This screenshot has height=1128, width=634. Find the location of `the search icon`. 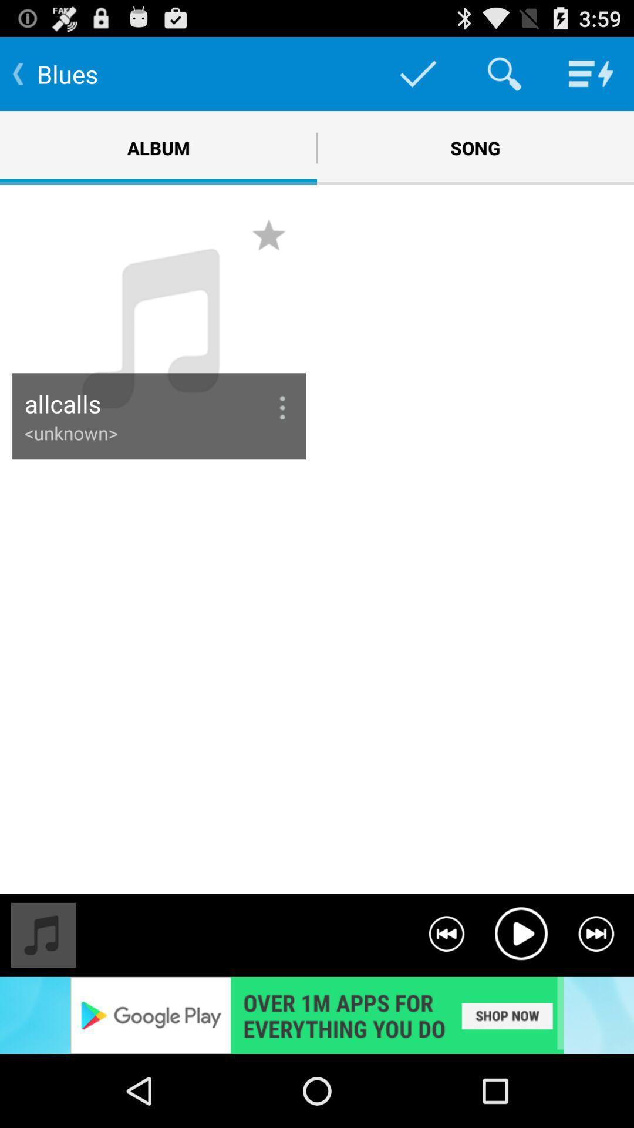

the search icon is located at coordinates (504, 78).